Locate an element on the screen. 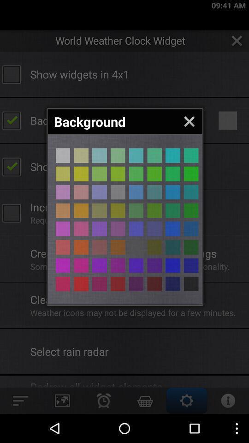  color is located at coordinates (99, 210).